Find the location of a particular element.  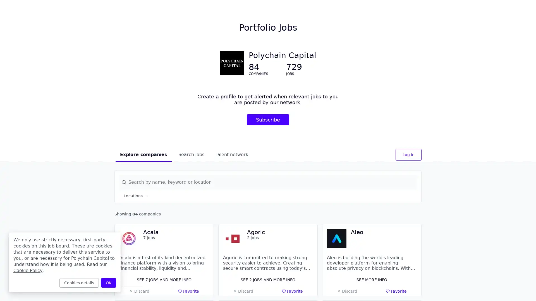

Discard is located at coordinates (139, 291).